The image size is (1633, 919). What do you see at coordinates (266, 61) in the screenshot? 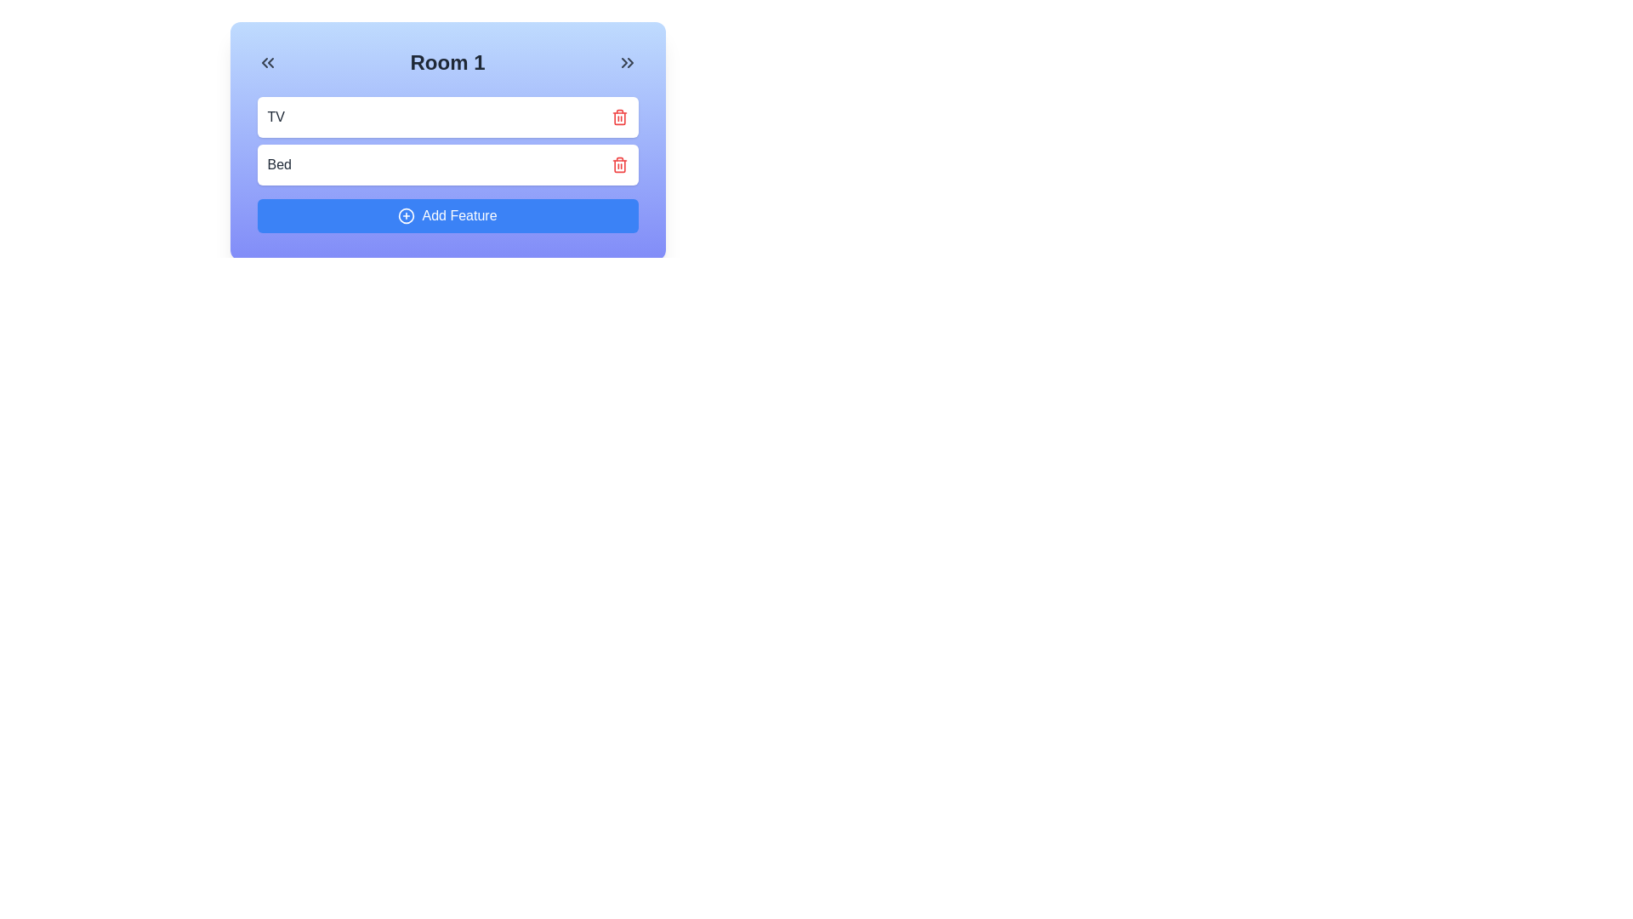
I see `the navigational icon resembling two chevrons pointing to the left, located at the top-left corner of the section labeled 'Room 1'` at bounding box center [266, 61].